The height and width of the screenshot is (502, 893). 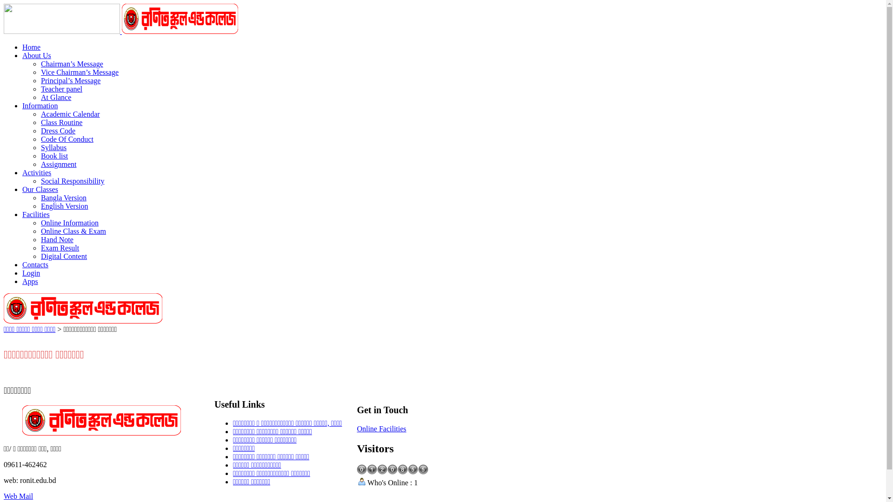 What do you see at coordinates (63, 197) in the screenshot?
I see `'Bangla Version'` at bounding box center [63, 197].